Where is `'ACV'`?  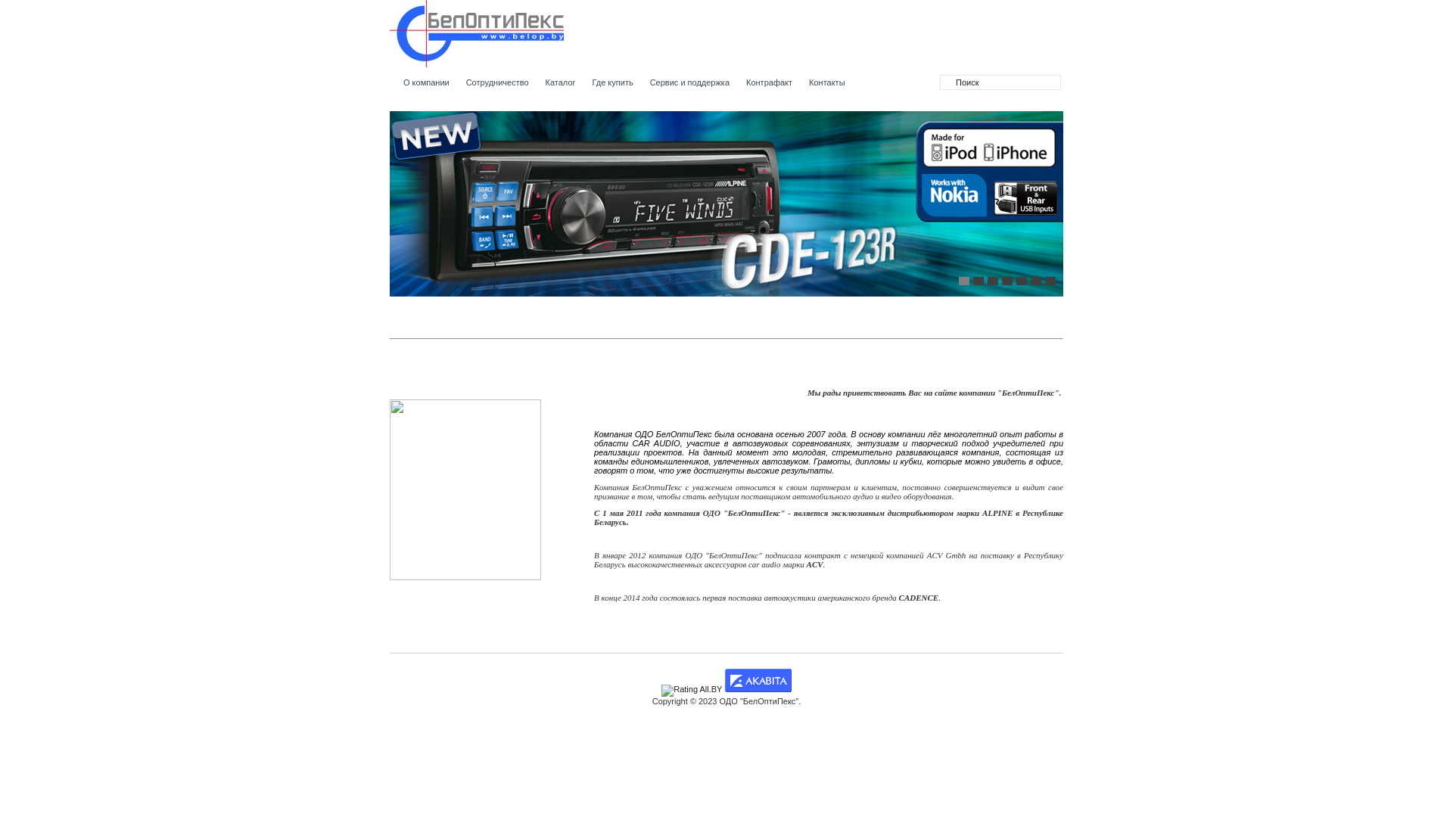
'ACV' is located at coordinates (814, 564).